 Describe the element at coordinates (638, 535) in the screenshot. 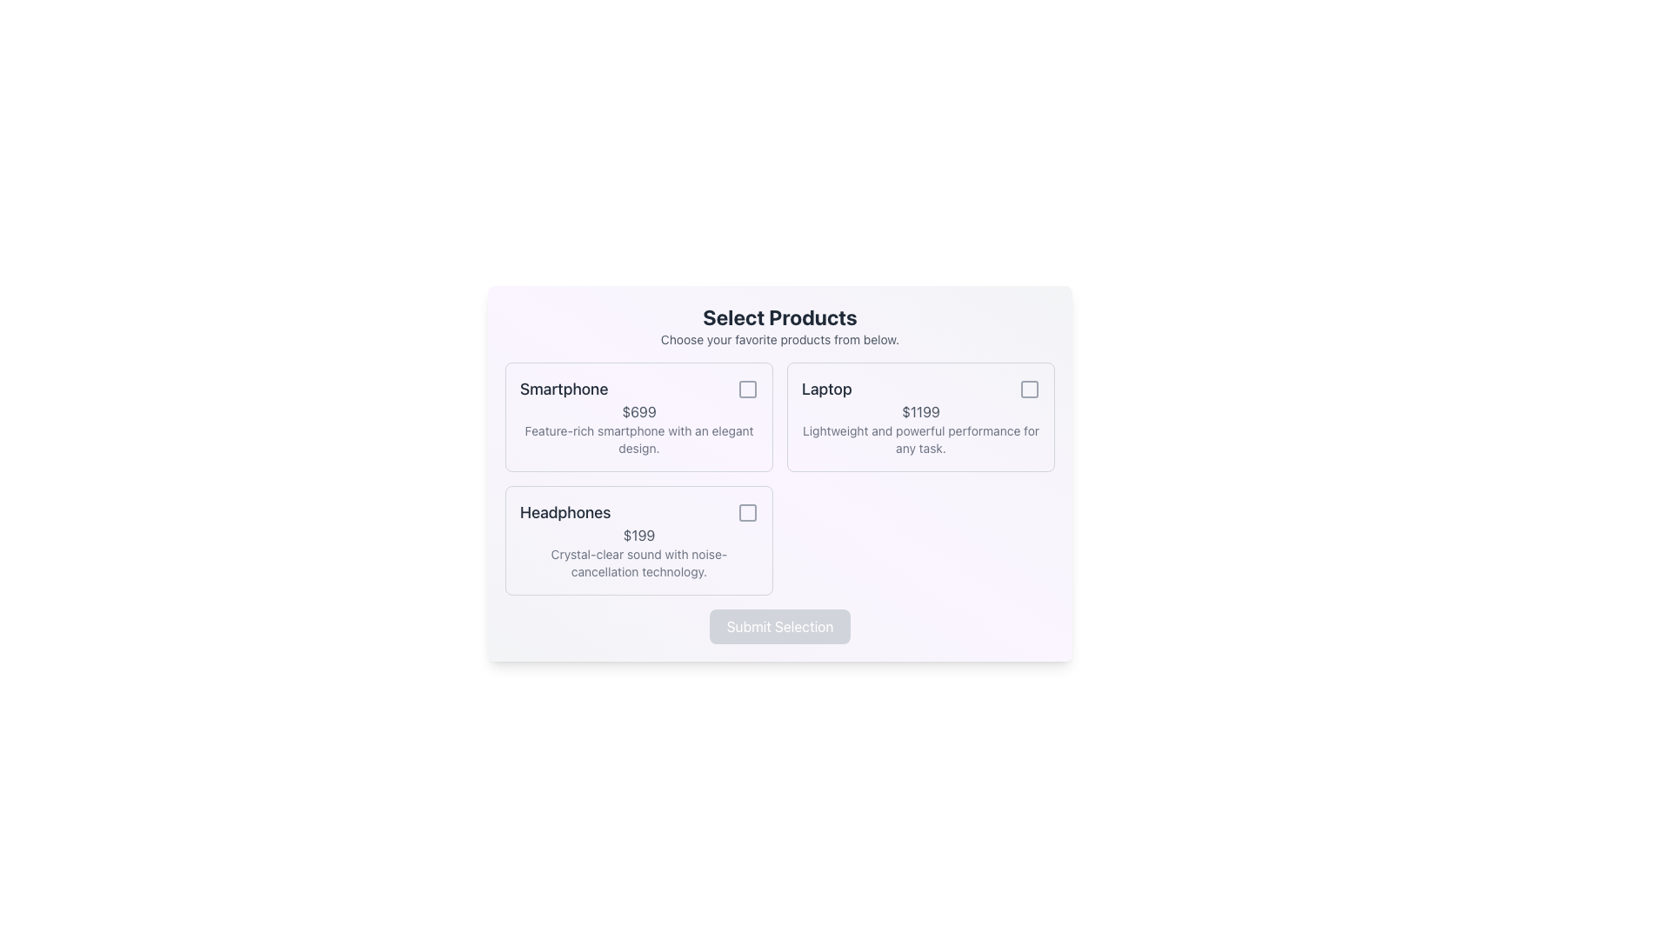

I see `the price label displaying '$199' in medium gray text, located in the 'Headphones' section, between the title 'Headphones' and the description 'Crystal-clear sound with noise-cancellation technology.'` at that location.